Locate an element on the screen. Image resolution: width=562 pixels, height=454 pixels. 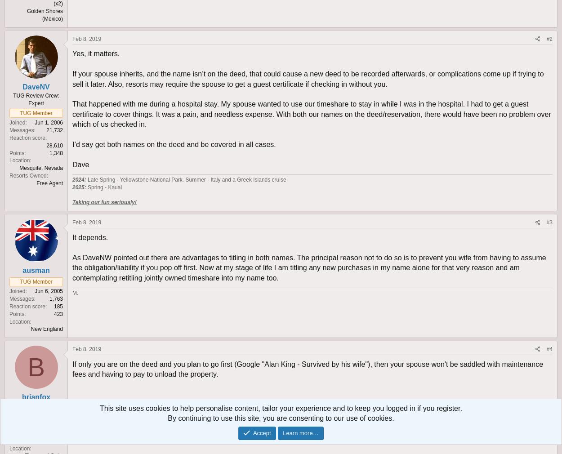
'#2' is located at coordinates (549, 38).